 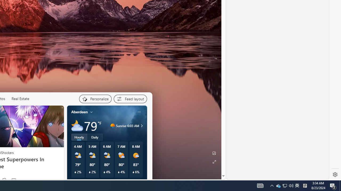 What do you see at coordinates (79, 112) in the screenshot?
I see `'Aberdeen'` at bounding box center [79, 112].